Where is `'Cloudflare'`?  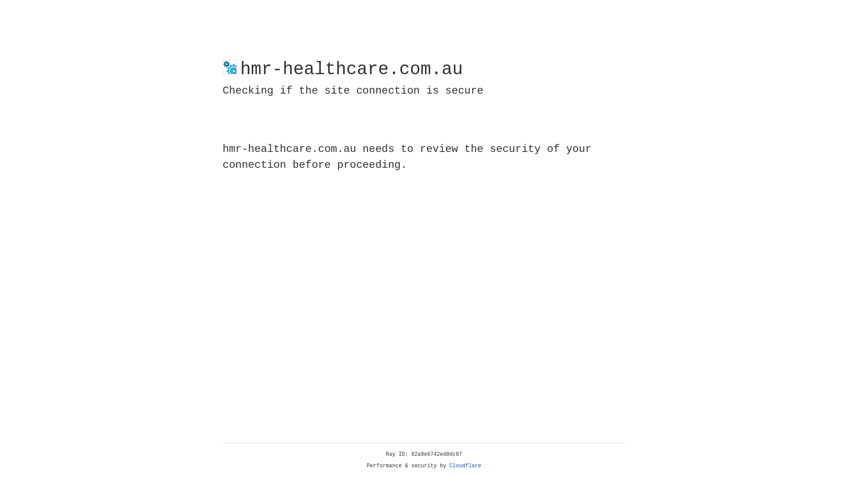
'Cloudflare' is located at coordinates (449, 466).